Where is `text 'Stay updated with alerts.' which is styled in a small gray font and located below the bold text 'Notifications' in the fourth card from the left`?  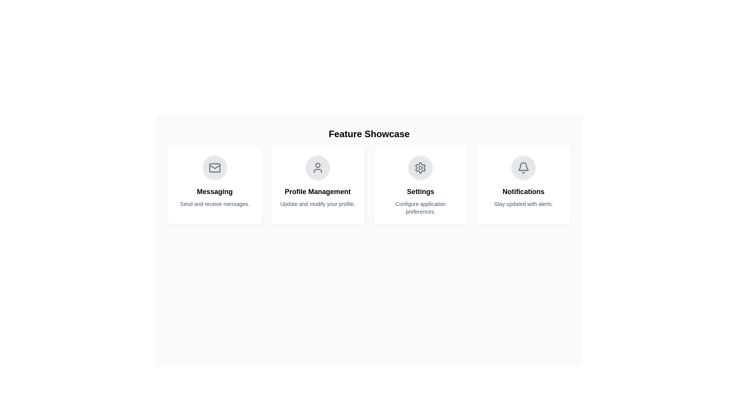
text 'Stay updated with alerts.' which is styled in a small gray font and located below the bold text 'Notifications' in the fourth card from the left is located at coordinates (523, 204).